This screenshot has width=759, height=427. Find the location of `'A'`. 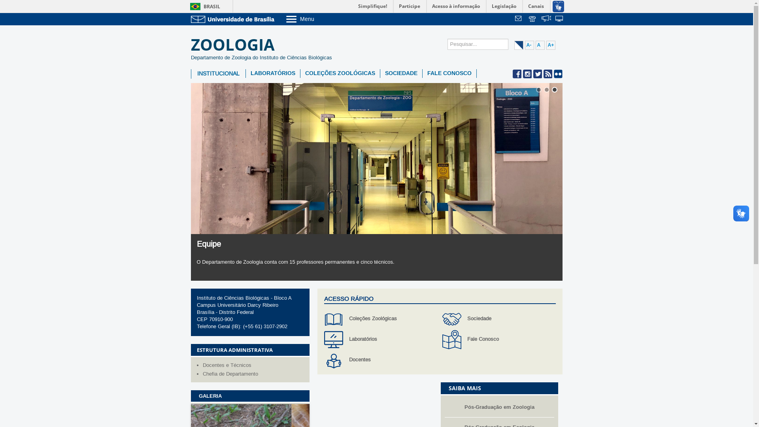

'A' is located at coordinates (535, 45).